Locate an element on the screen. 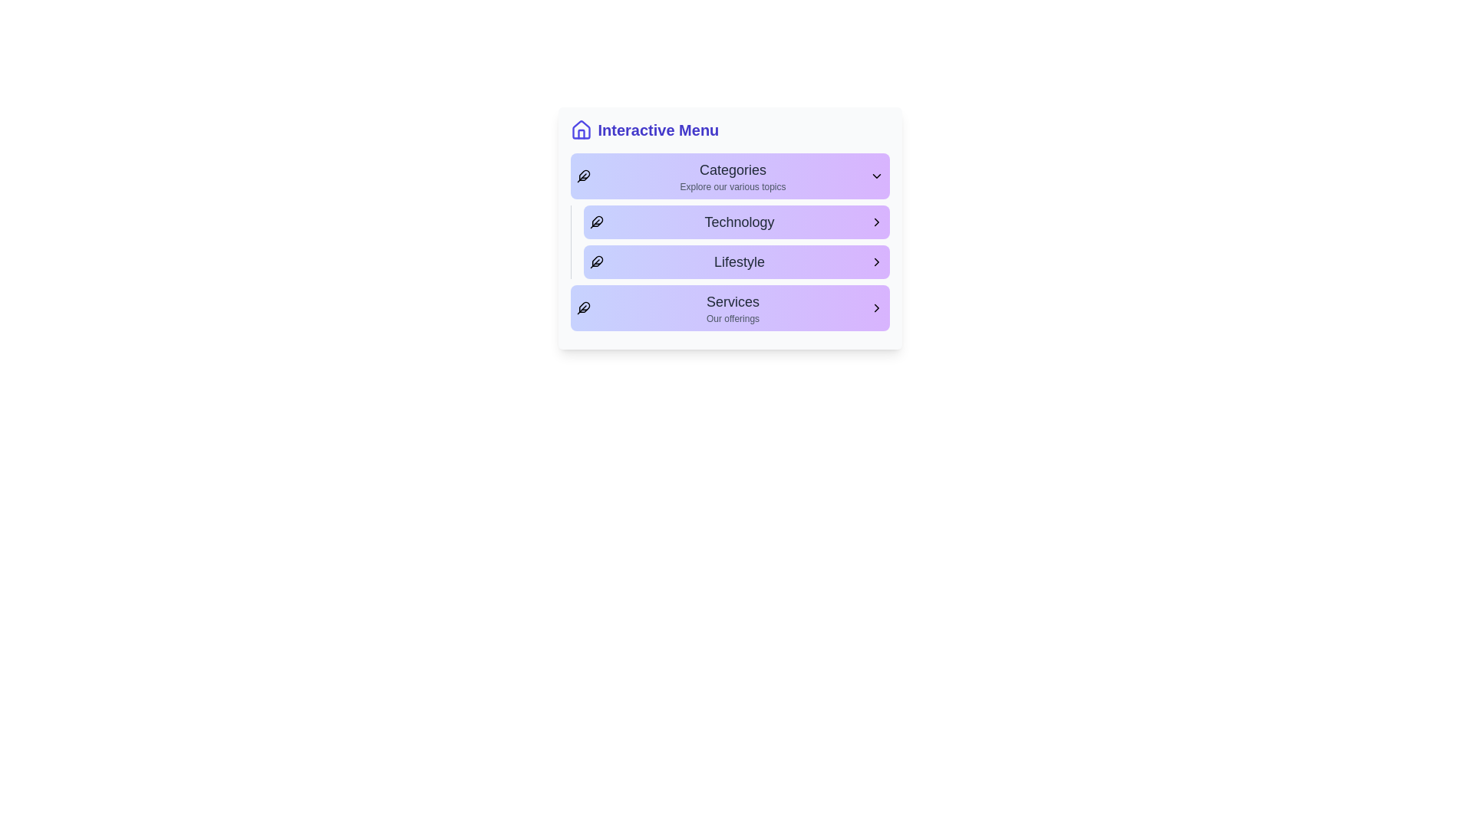 The image size is (1473, 828). static text label that serves as a header for the 'Services' category, positioned on the left-center part of the menu section is located at coordinates (732, 301).